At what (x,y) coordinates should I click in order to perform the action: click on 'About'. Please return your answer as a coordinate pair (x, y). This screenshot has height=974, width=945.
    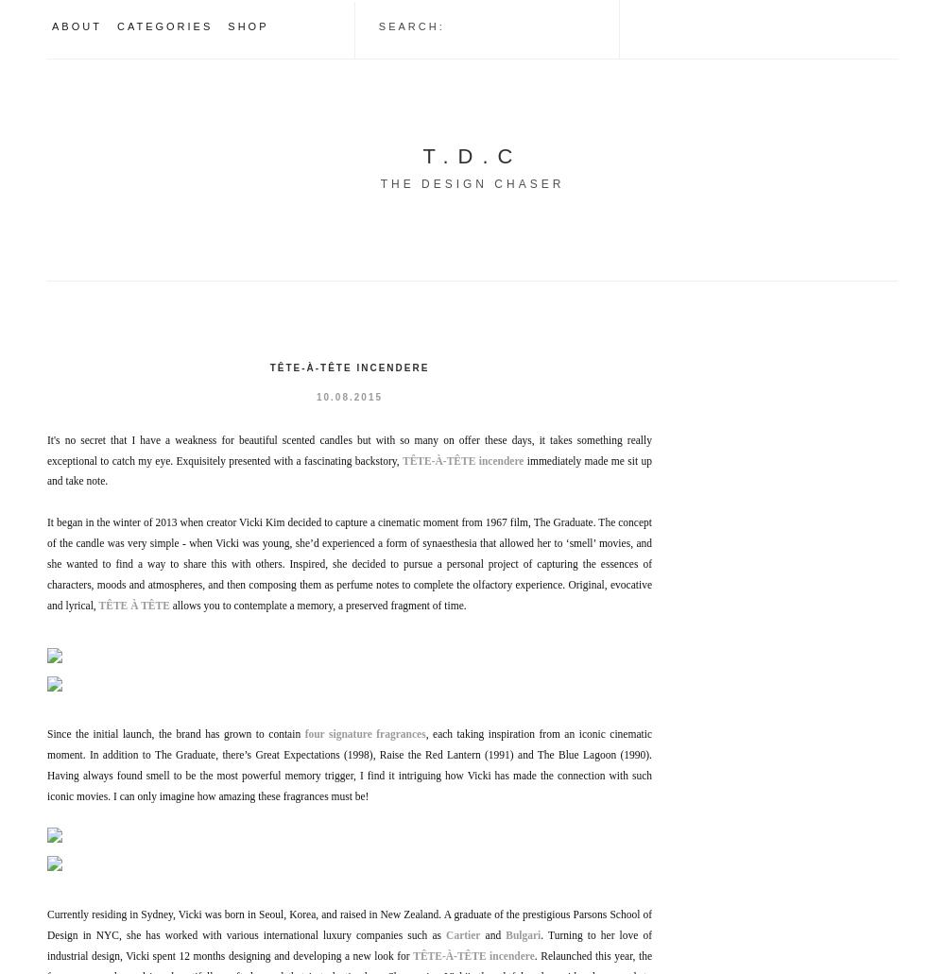
    Looking at the image, I should click on (76, 26).